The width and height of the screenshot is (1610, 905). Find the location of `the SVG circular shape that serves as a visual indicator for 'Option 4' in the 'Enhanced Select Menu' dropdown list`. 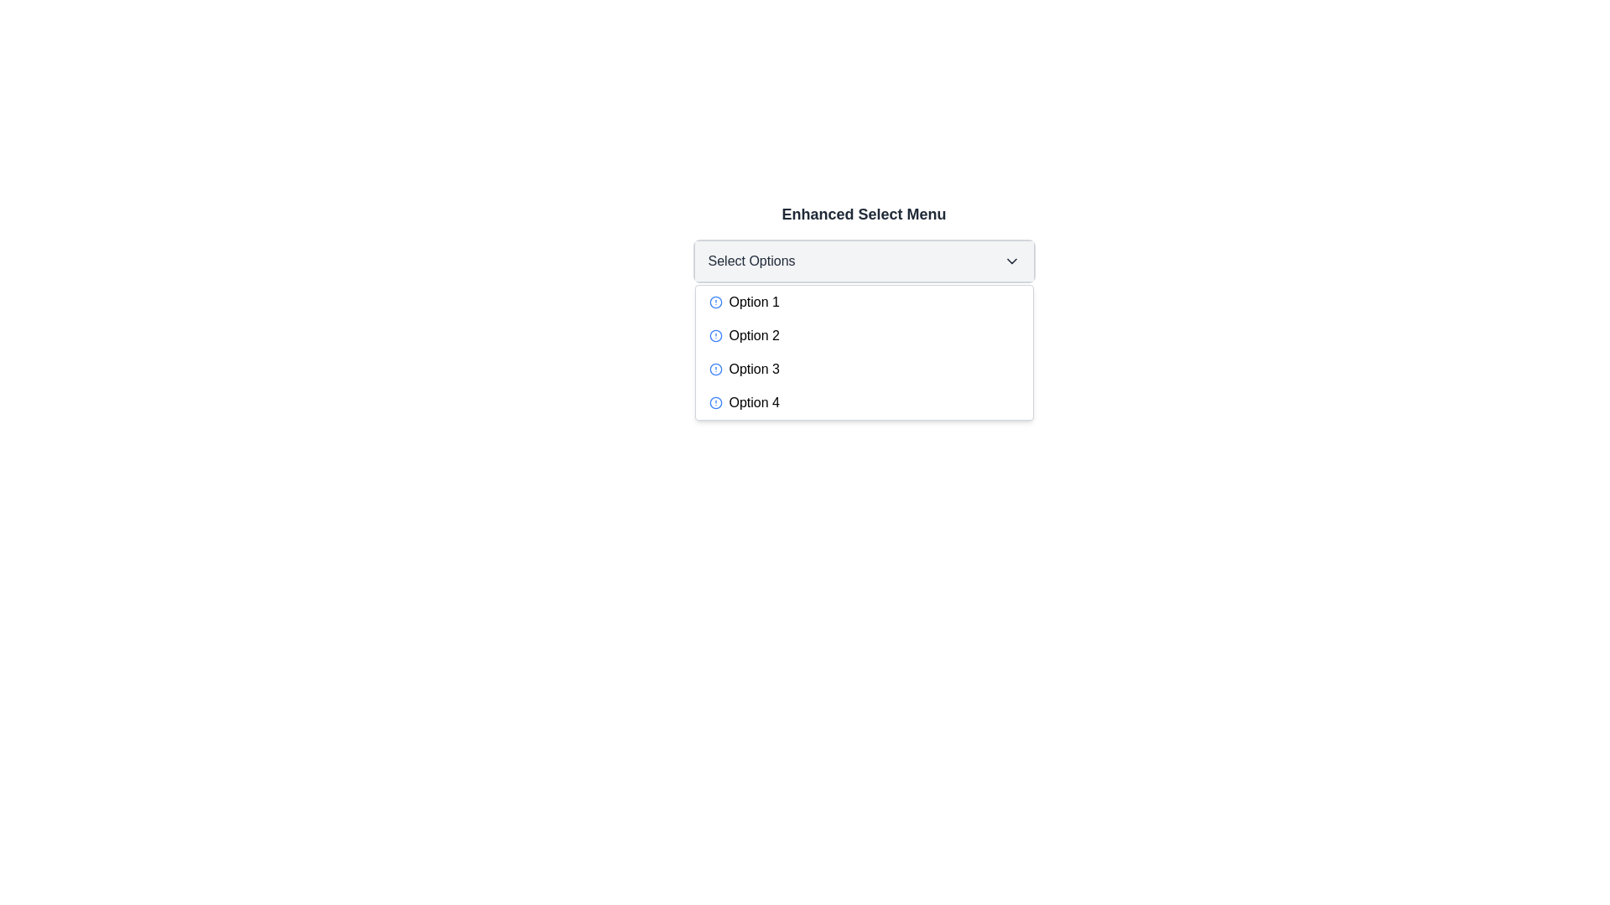

the SVG circular shape that serves as a visual indicator for 'Option 4' in the 'Enhanced Select Menu' dropdown list is located at coordinates (715, 403).